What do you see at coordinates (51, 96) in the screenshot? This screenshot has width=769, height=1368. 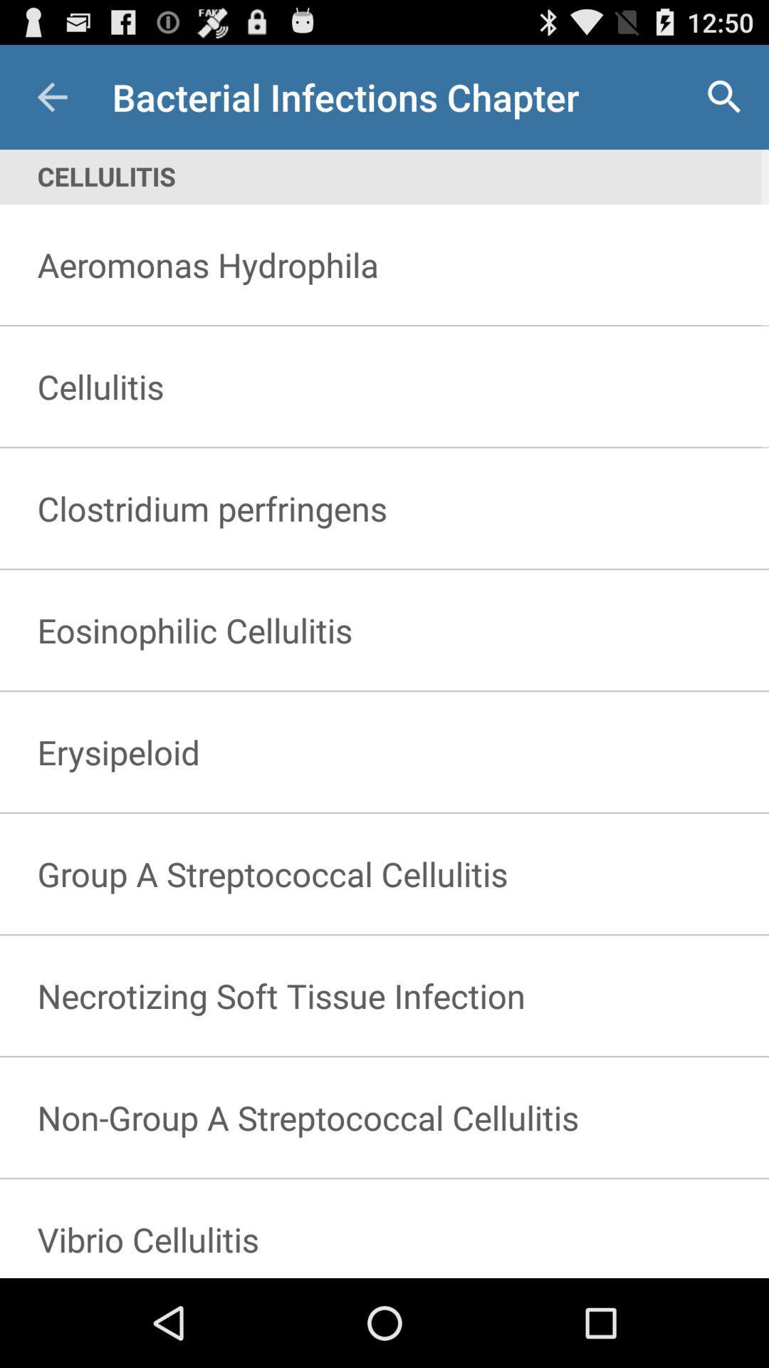 I see `the icon at the top left corner` at bounding box center [51, 96].